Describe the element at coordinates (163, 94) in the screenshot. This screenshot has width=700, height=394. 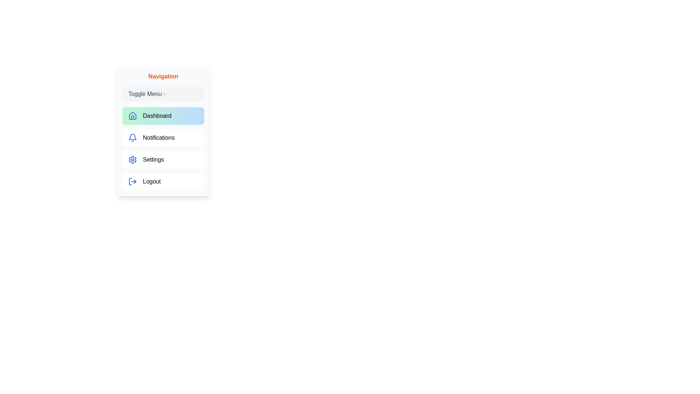
I see `the 'Toggle Menu' button to toggle the menu visibility` at that location.